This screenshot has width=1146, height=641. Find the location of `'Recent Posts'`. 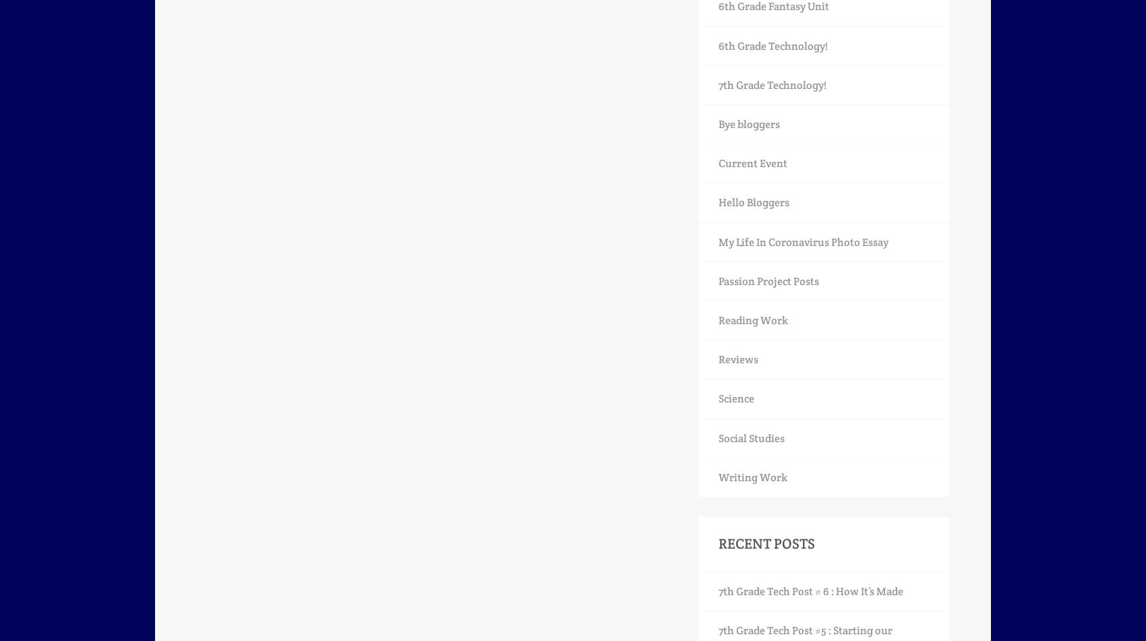

'Recent Posts' is located at coordinates (766, 542).